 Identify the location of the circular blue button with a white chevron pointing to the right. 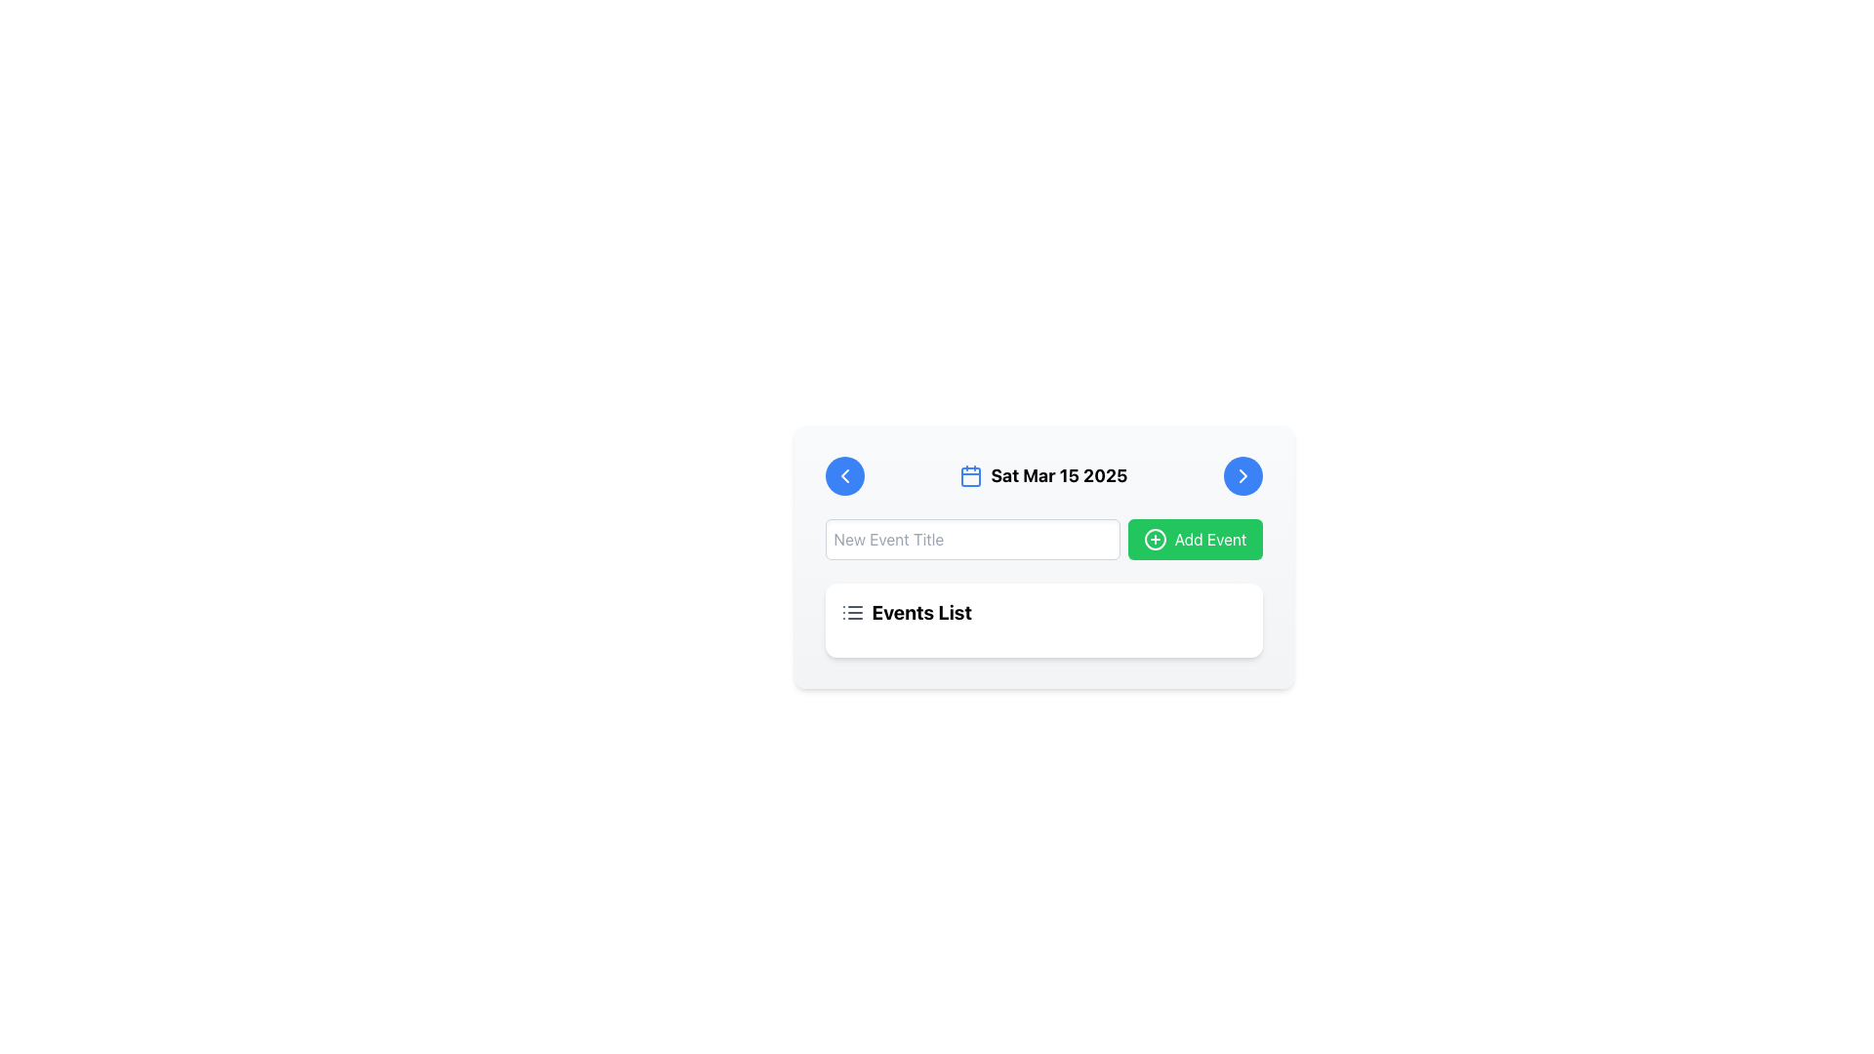
(1242, 476).